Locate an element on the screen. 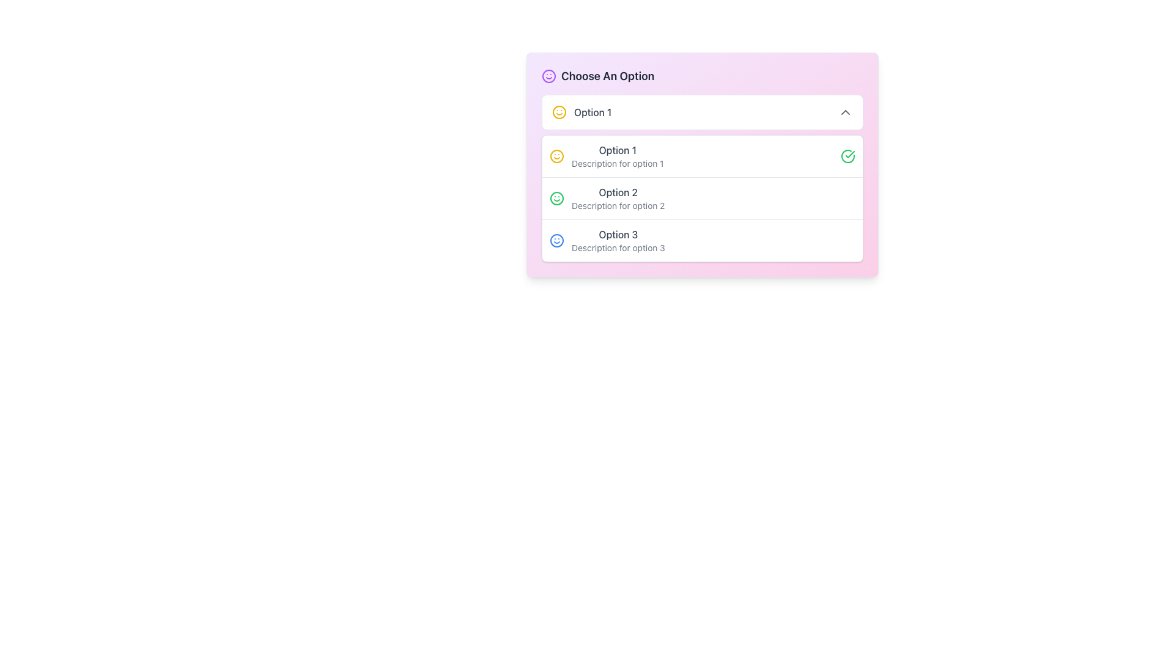  to select the first item in the dropdown list labeled 'Option 1', which is positioned below the header 'Choose An Option' is located at coordinates (607, 155).